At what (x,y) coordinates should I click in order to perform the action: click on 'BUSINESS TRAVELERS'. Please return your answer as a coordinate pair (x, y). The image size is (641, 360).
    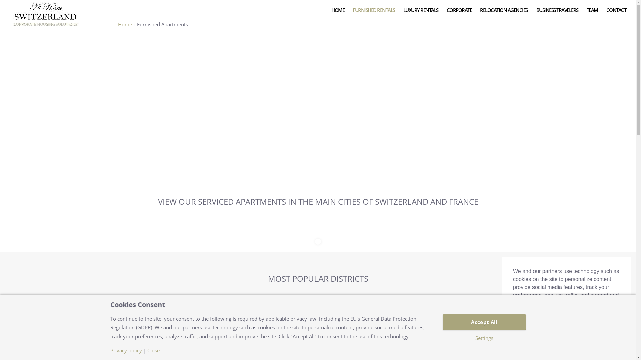
    Looking at the image, I should click on (557, 10).